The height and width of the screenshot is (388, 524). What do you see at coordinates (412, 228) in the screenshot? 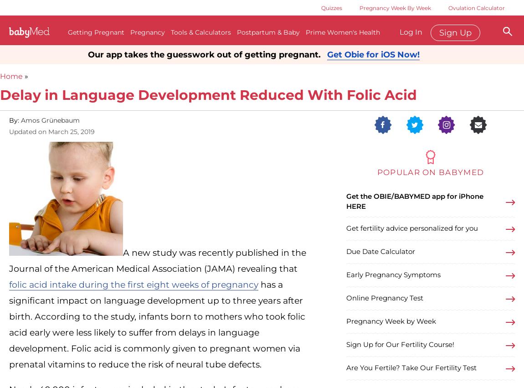
I see `'Get fertility advice personalized for you'` at bounding box center [412, 228].